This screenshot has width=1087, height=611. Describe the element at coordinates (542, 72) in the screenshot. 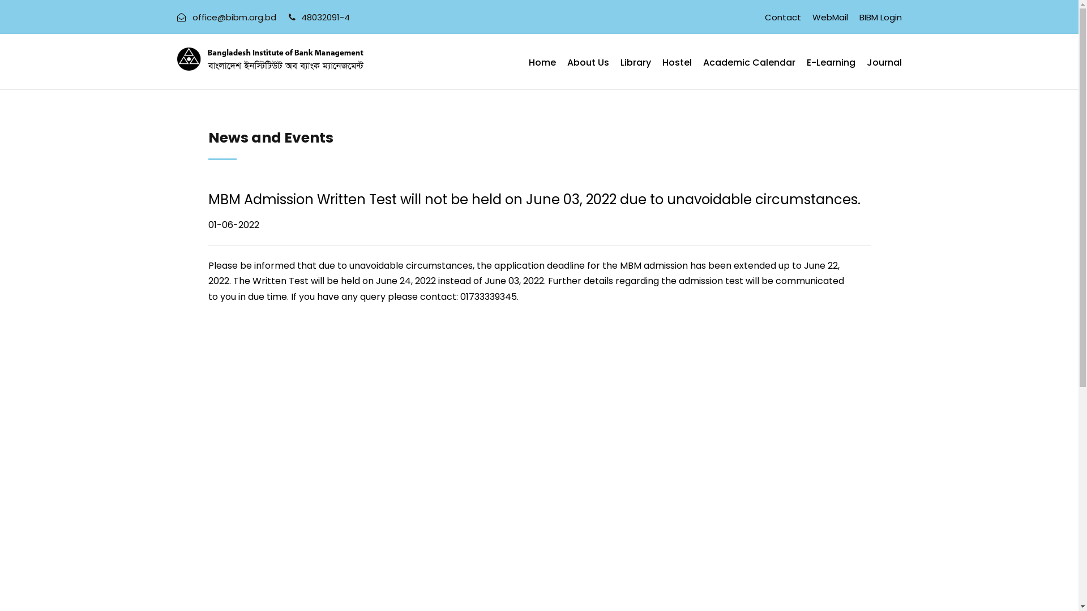

I see `'Home'` at that location.